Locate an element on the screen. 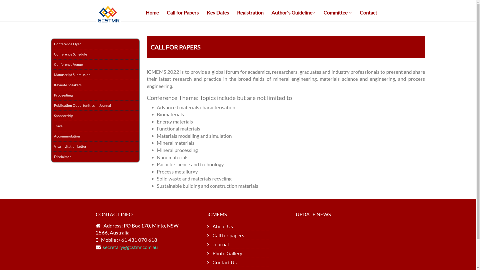  'Key Dates' is located at coordinates (218, 12).